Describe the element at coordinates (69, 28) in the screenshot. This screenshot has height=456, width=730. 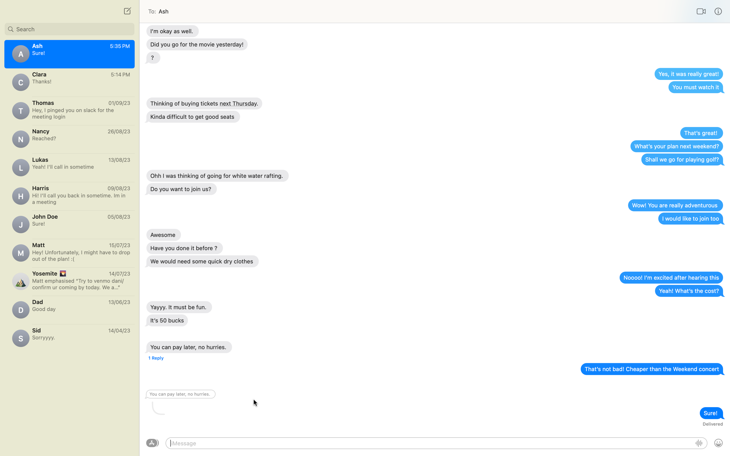
I see `John in contacts and open up his profile` at that location.